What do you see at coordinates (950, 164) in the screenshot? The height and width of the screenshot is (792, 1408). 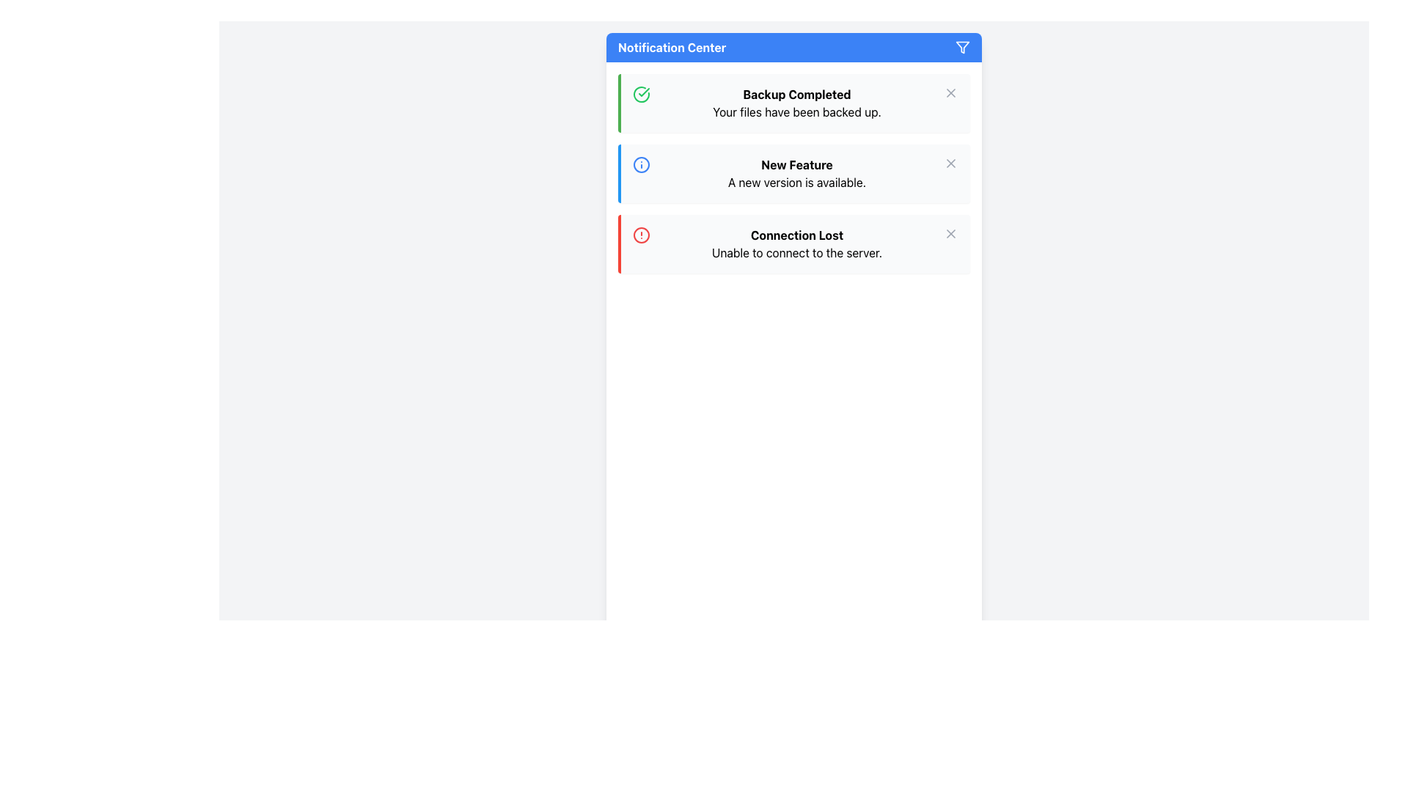 I see `the close button located in the top-right corner of the 'New Feature' notification card` at bounding box center [950, 164].